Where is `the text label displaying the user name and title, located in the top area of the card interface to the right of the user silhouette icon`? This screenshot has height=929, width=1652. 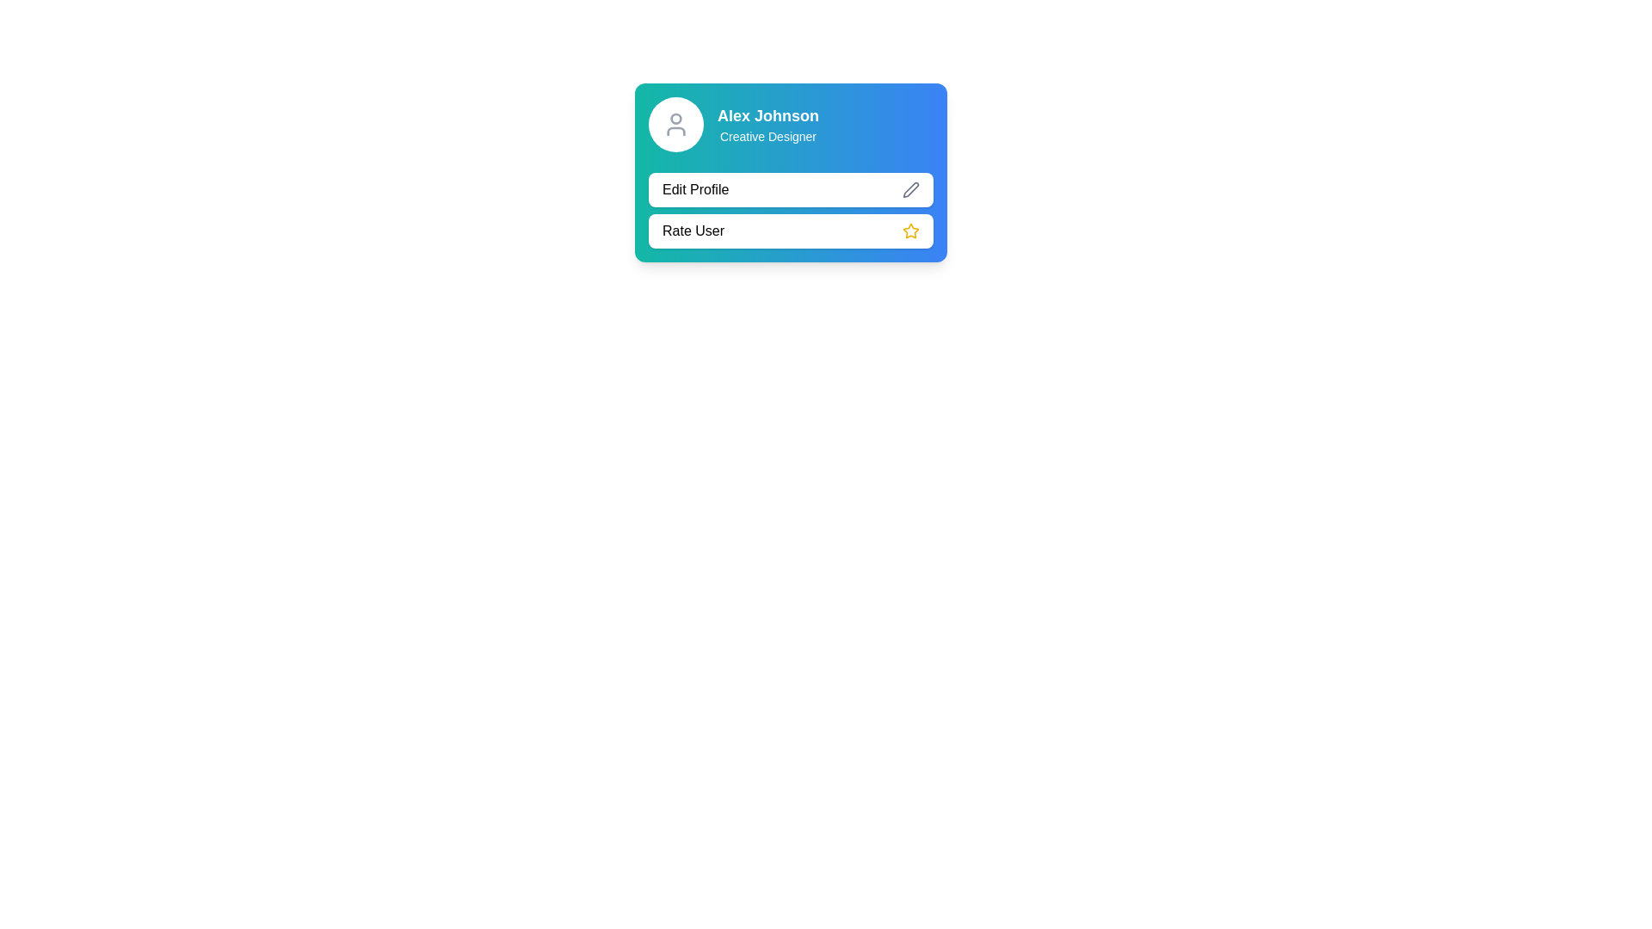 the text label displaying the user name and title, located in the top area of the card interface to the right of the user silhouette icon is located at coordinates (767, 124).